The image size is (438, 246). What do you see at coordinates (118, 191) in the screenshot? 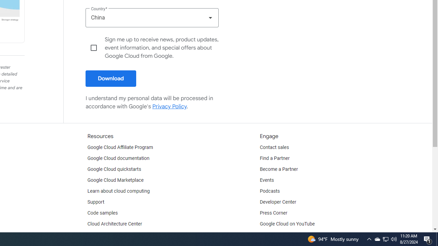
I see `'Learn about cloud computing'` at bounding box center [118, 191].